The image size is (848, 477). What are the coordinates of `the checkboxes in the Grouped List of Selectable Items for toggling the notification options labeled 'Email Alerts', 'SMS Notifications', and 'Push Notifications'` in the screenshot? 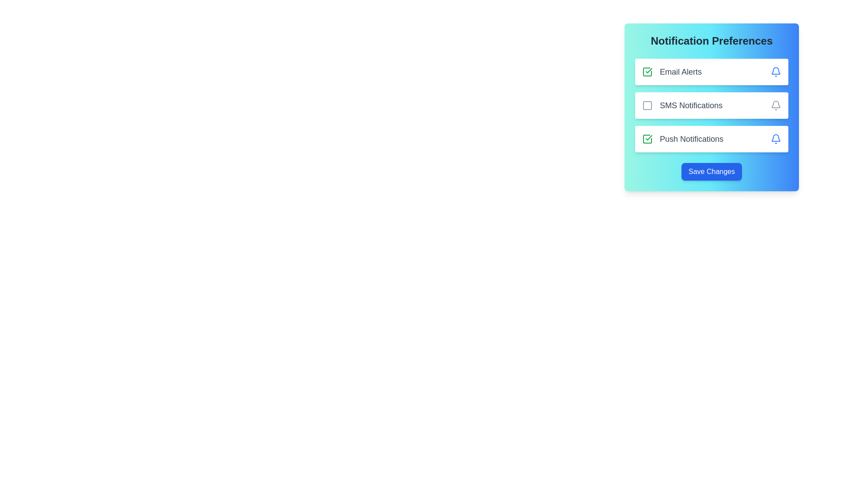 It's located at (712, 105).